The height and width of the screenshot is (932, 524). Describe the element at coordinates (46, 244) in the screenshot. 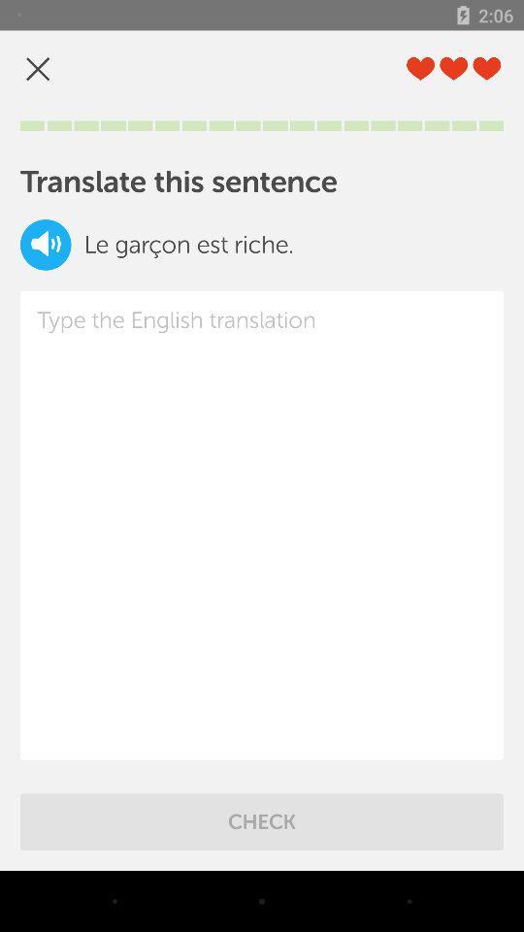

I see `item to the left of the le` at that location.